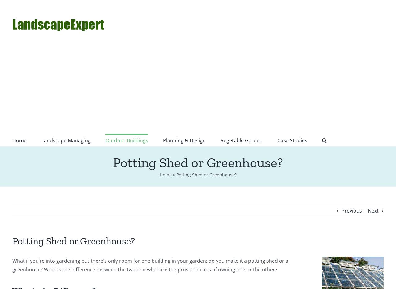 The width and height of the screenshot is (396, 289). I want to click on 'Planning & Design', so click(184, 140).